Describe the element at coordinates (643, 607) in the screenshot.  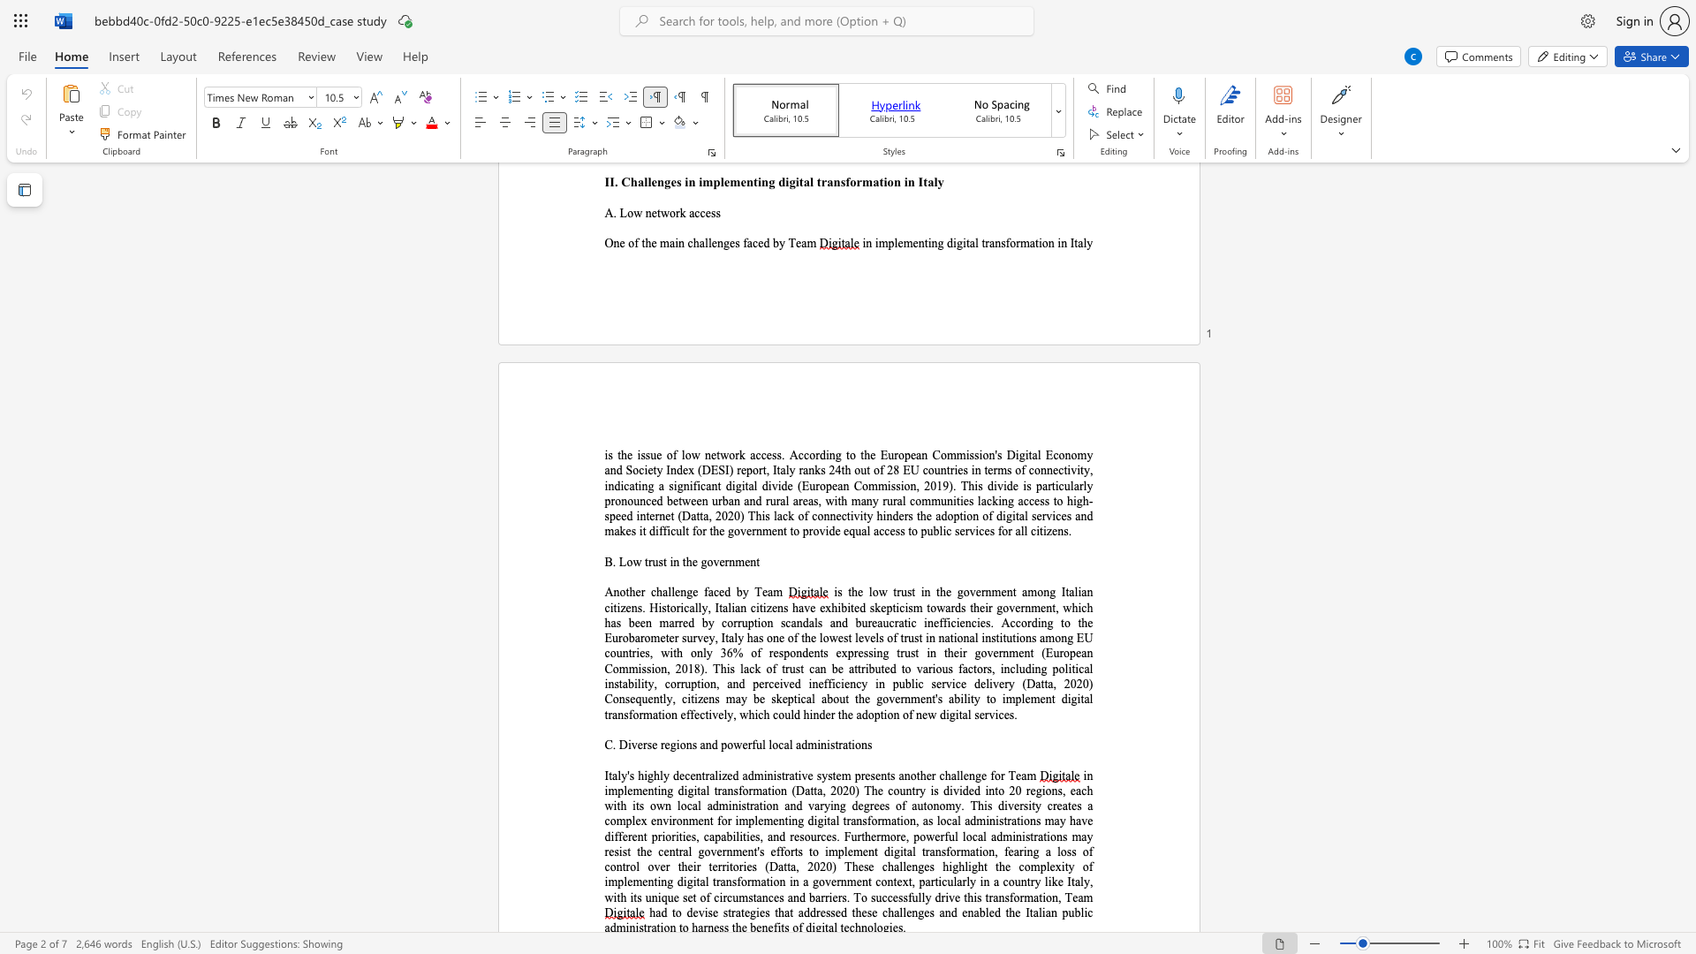
I see `the 1th character "." in the text` at that location.